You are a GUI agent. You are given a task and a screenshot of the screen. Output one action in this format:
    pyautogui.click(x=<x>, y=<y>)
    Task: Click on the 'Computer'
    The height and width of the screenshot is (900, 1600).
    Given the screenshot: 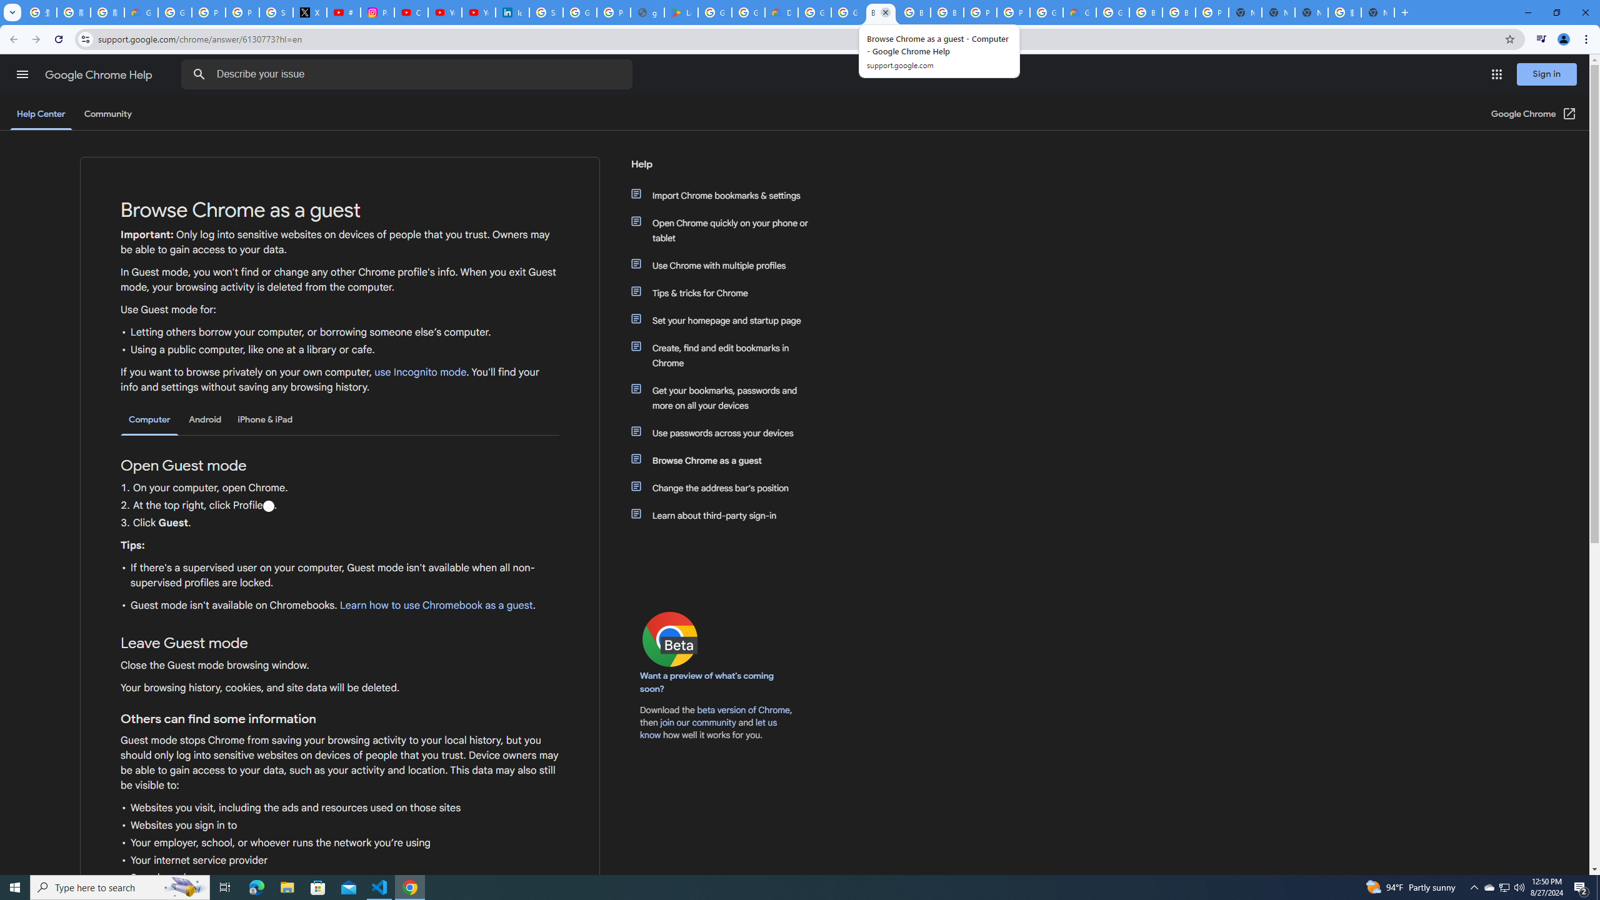 What is the action you would take?
    pyautogui.click(x=149, y=419)
    